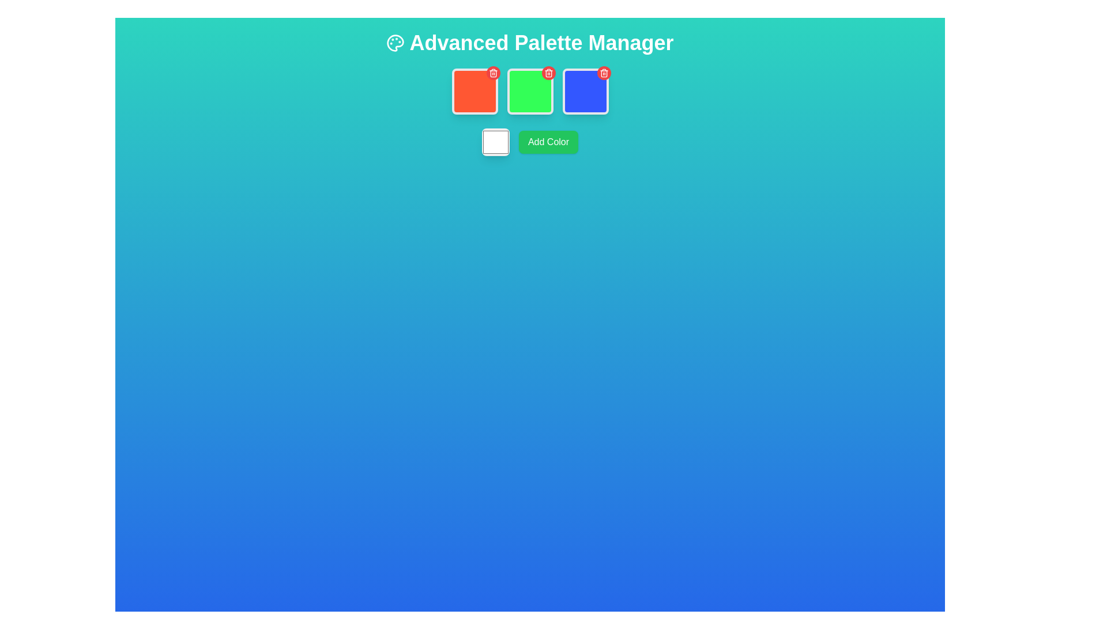  I want to click on the green rectangular button labeled 'Add Color' located slightly below the three colored boxes in the Advanced Palette Manager section, so click(529, 141).